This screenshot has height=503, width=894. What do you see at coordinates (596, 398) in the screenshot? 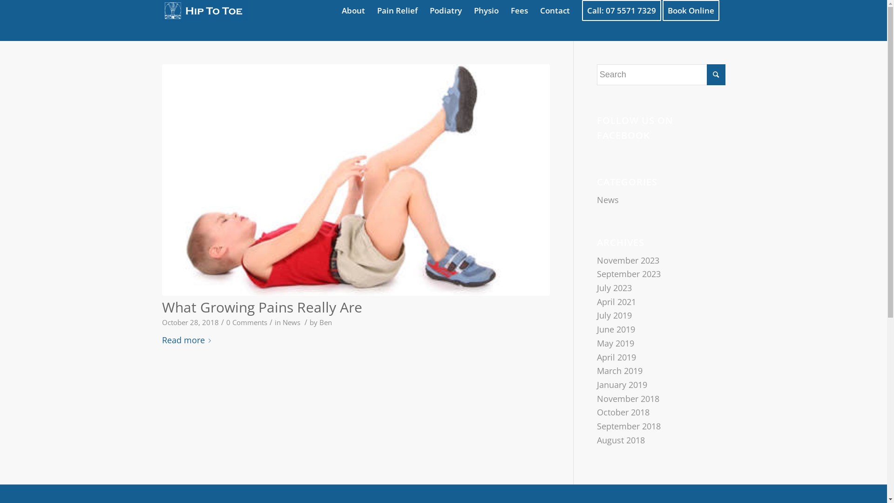
I see `'November 2018'` at bounding box center [596, 398].